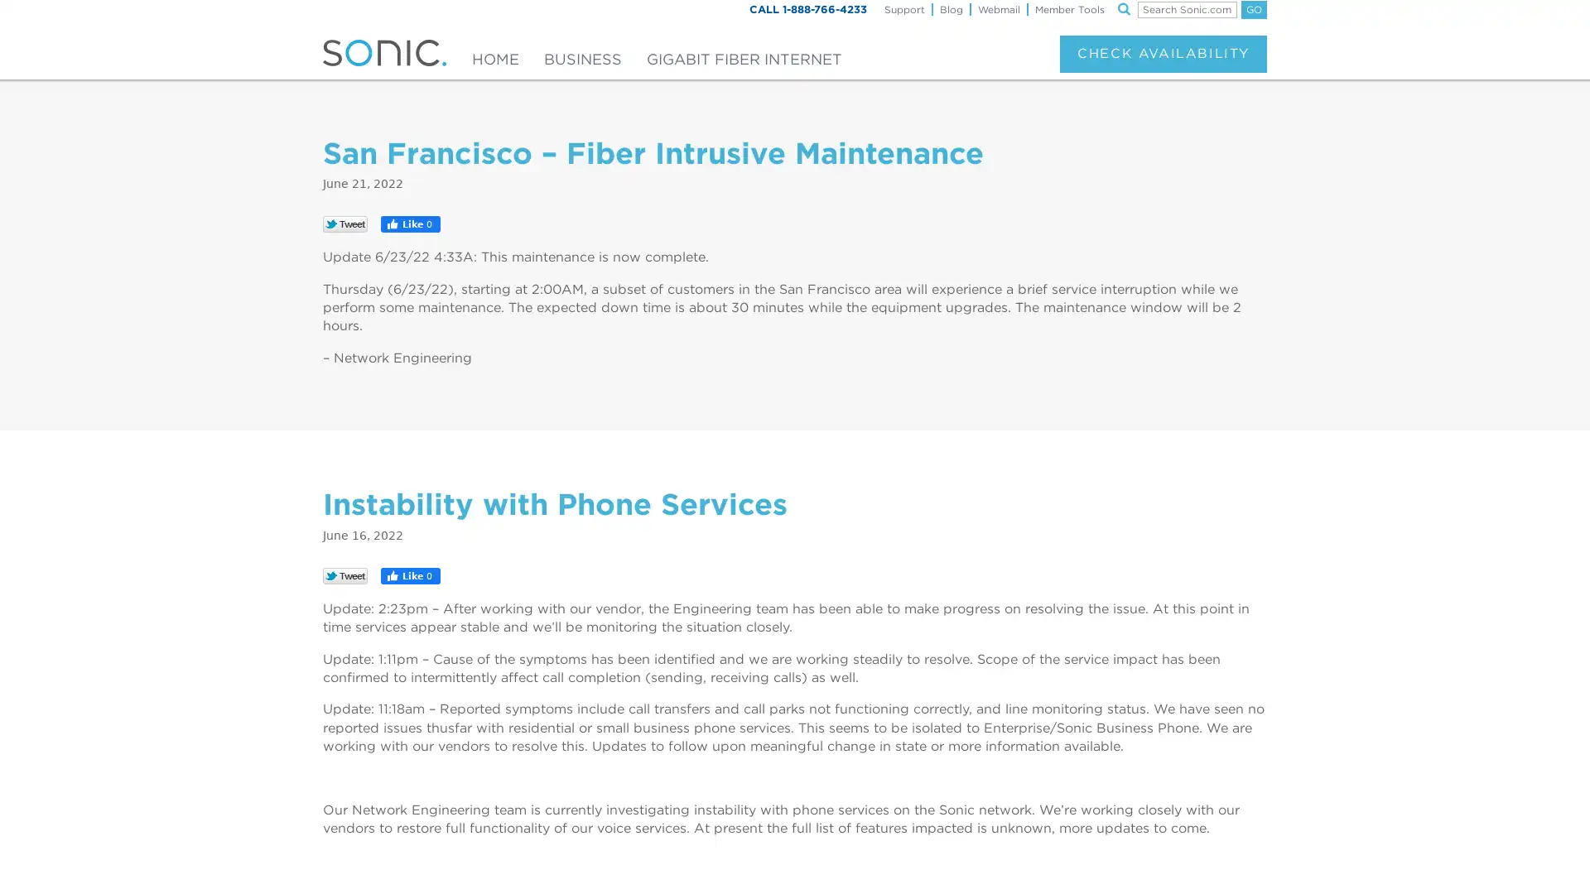  What do you see at coordinates (1254, 9) in the screenshot?
I see `GO` at bounding box center [1254, 9].